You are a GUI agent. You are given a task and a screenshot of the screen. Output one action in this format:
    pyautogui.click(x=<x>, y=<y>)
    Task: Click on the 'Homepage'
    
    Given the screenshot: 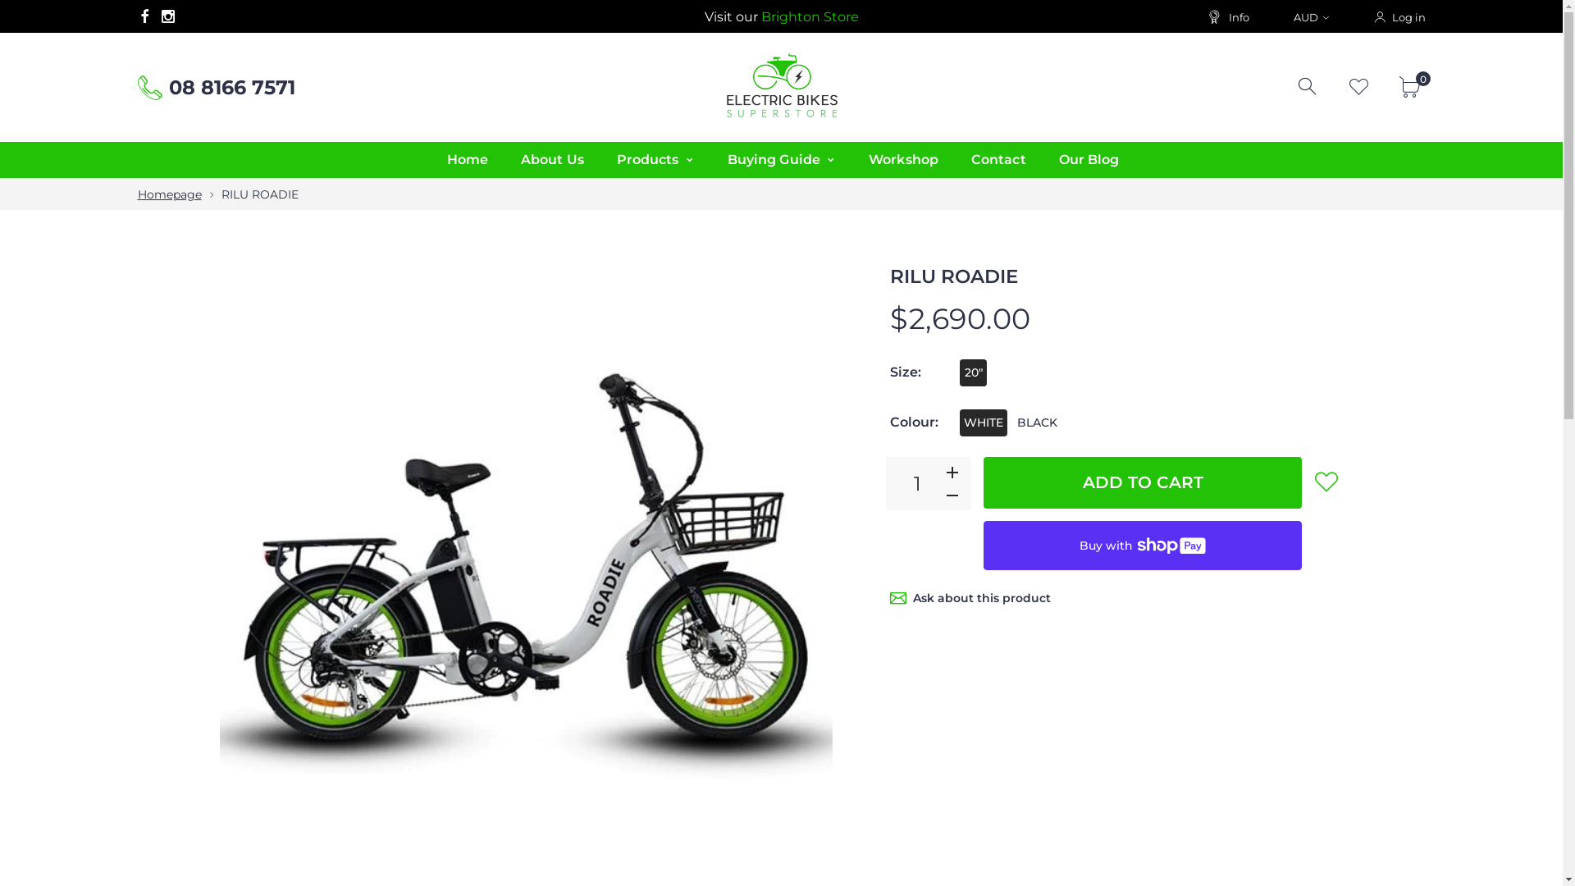 What is the action you would take?
    pyautogui.click(x=169, y=193)
    